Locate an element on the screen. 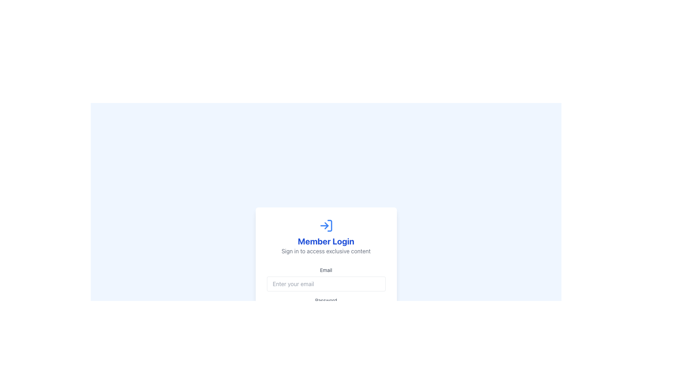 The width and height of the screenshot is (678, 381). the password label, which indicates the purpose of the password input field located below it in the form layout is located at coordinates (326, 301).